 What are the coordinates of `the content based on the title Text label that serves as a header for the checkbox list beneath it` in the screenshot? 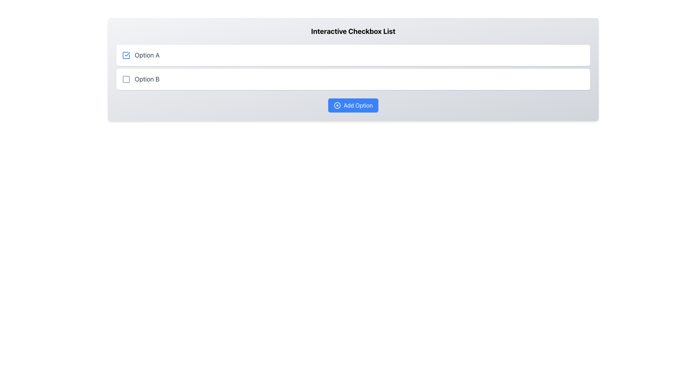 It's located at (353, 31).